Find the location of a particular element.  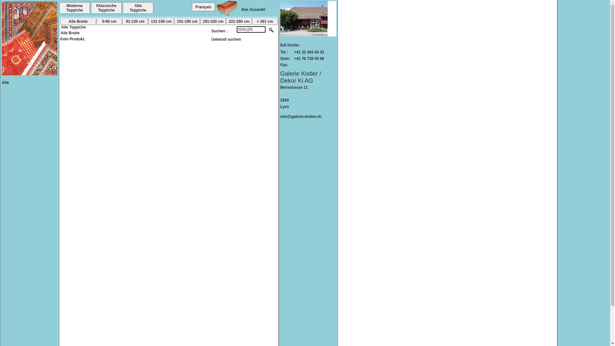

'stockKTL' is located at coordinates (293, 129).